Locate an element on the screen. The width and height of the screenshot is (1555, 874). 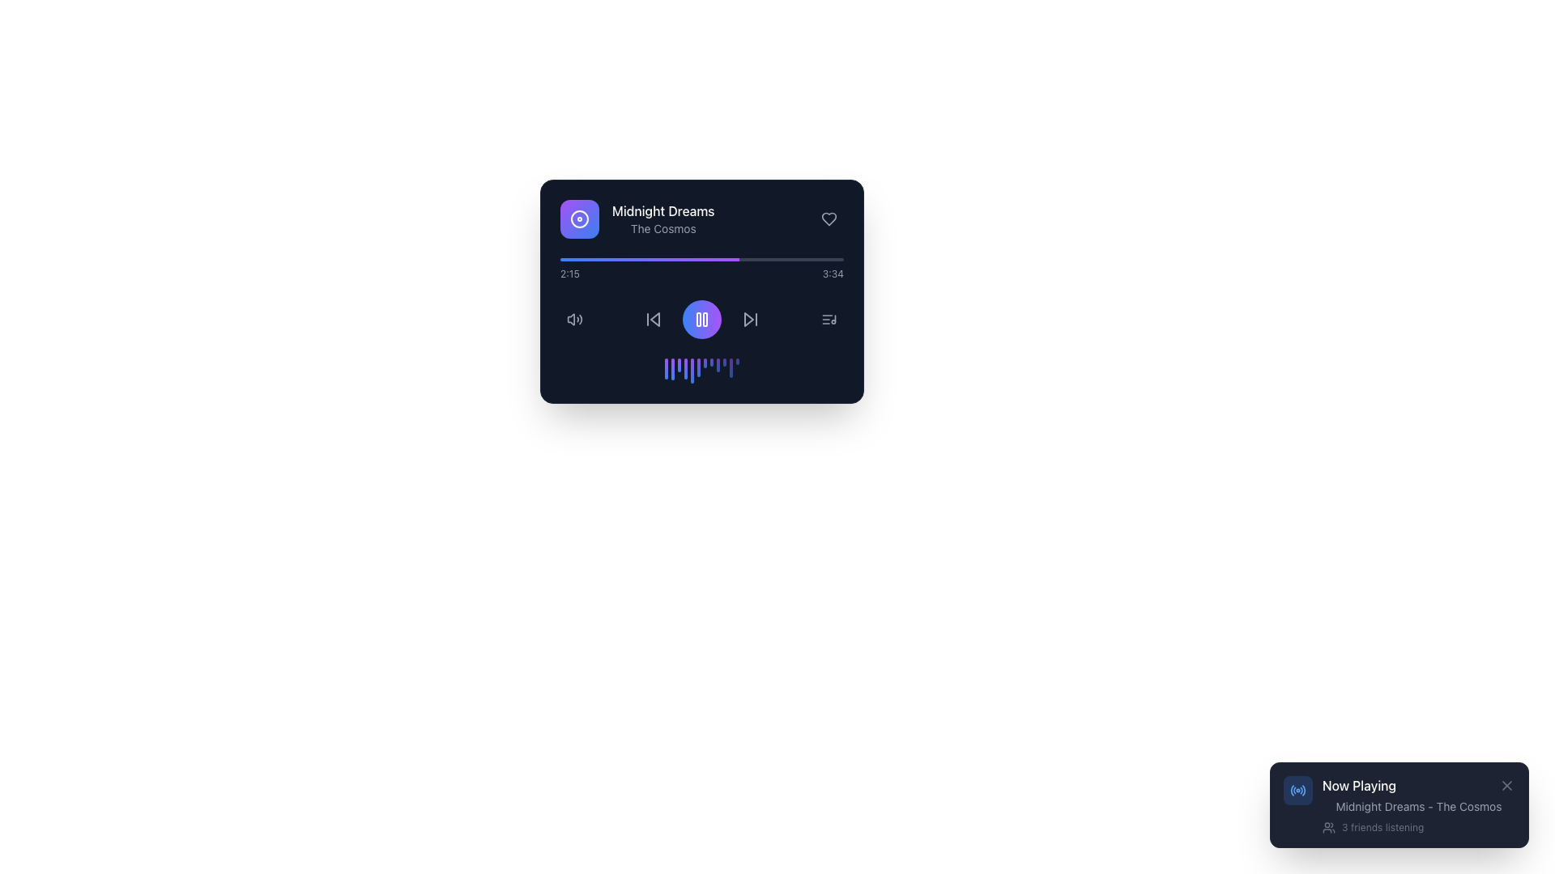
playback time is located at coordinates (795, 258).